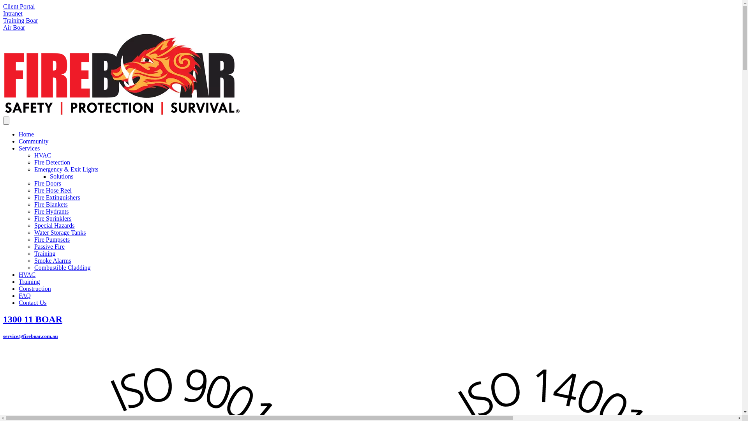  I want to click on 'Training', so click(29, 281).